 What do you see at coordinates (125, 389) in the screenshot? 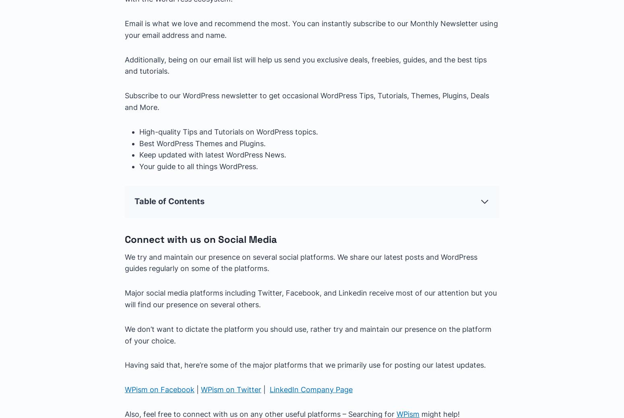
I see `'WPism on Facebook'` at bounding box center [125, 389].